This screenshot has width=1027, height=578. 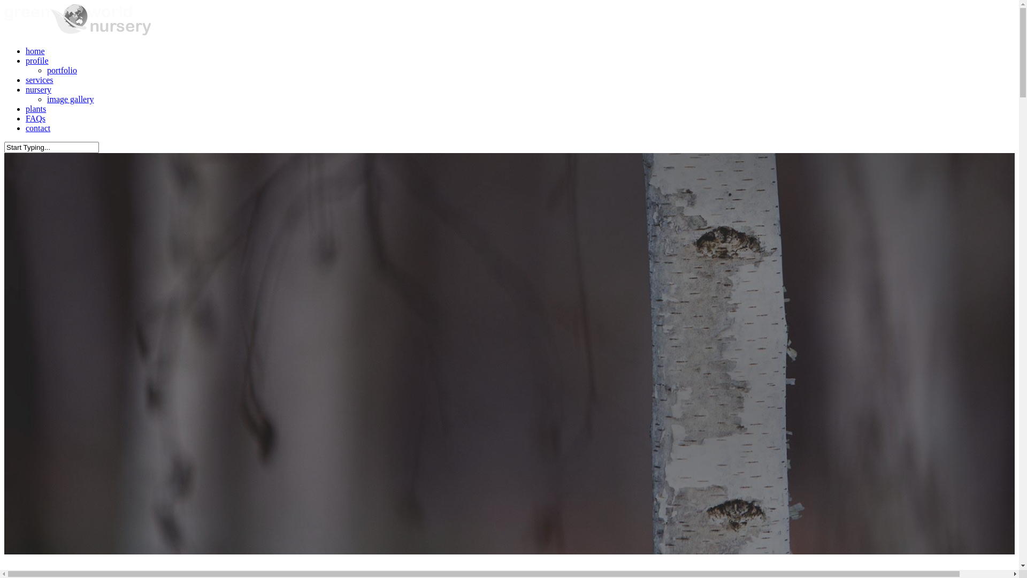 What do you see at coordinates (37, 60) in the screenshot?
I see `'profile'` at bounding box center [37, 60].